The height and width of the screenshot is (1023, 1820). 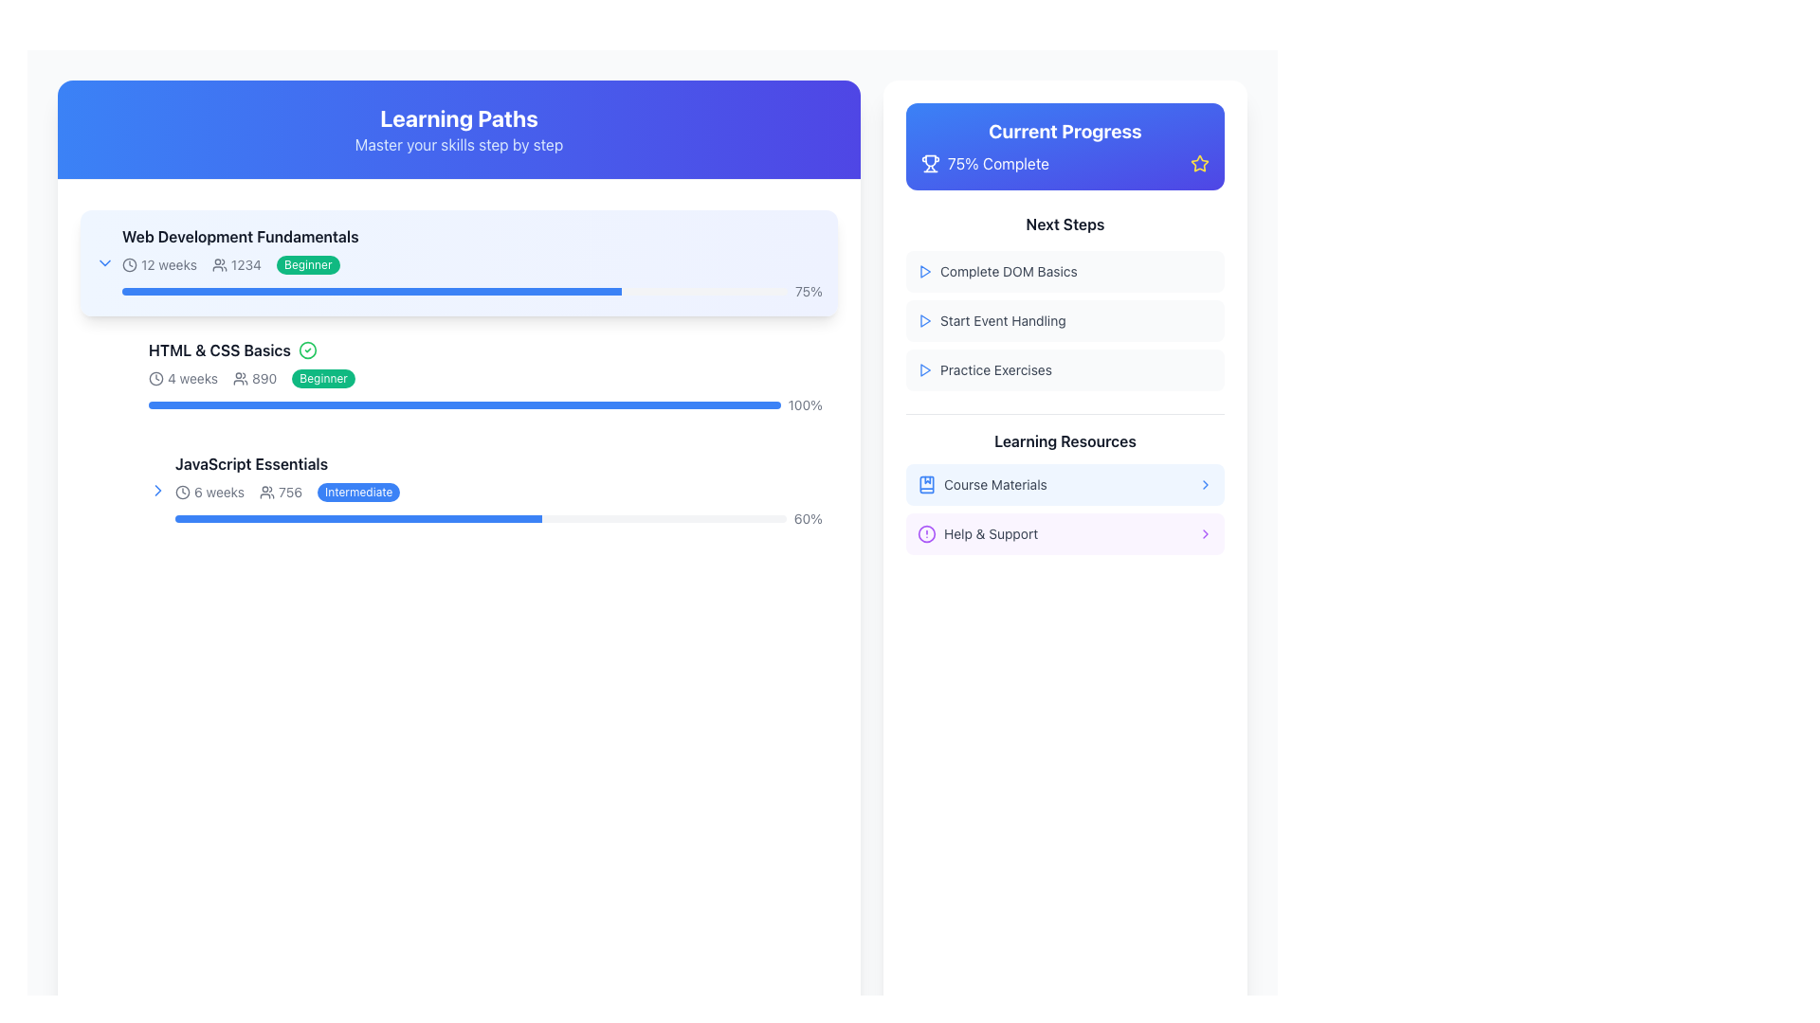 I want to click on the text label displaying '4 weeks' next to the clock icon in the 'Learning Paths' module to potentially trigger tooltip or styling effects, so click(x=183, y=379).